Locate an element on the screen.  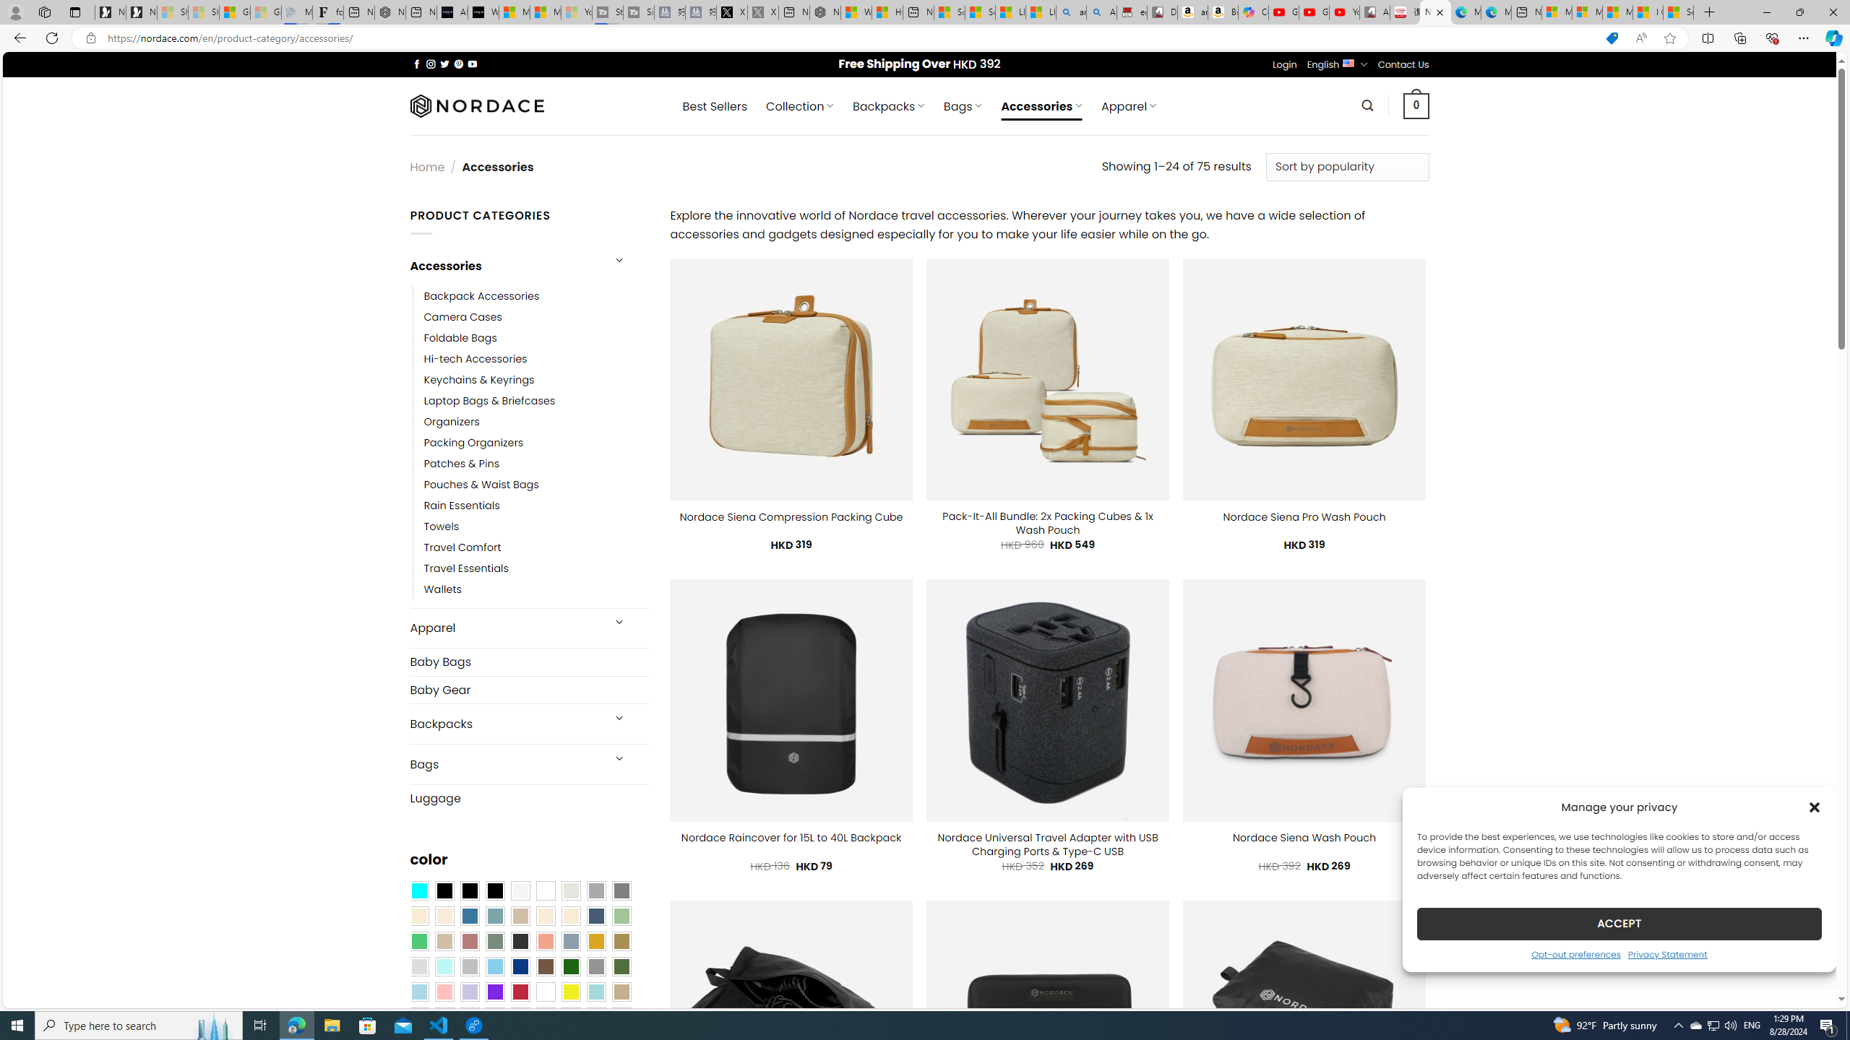
'Backpacks' is located at coordinates (504, 724).